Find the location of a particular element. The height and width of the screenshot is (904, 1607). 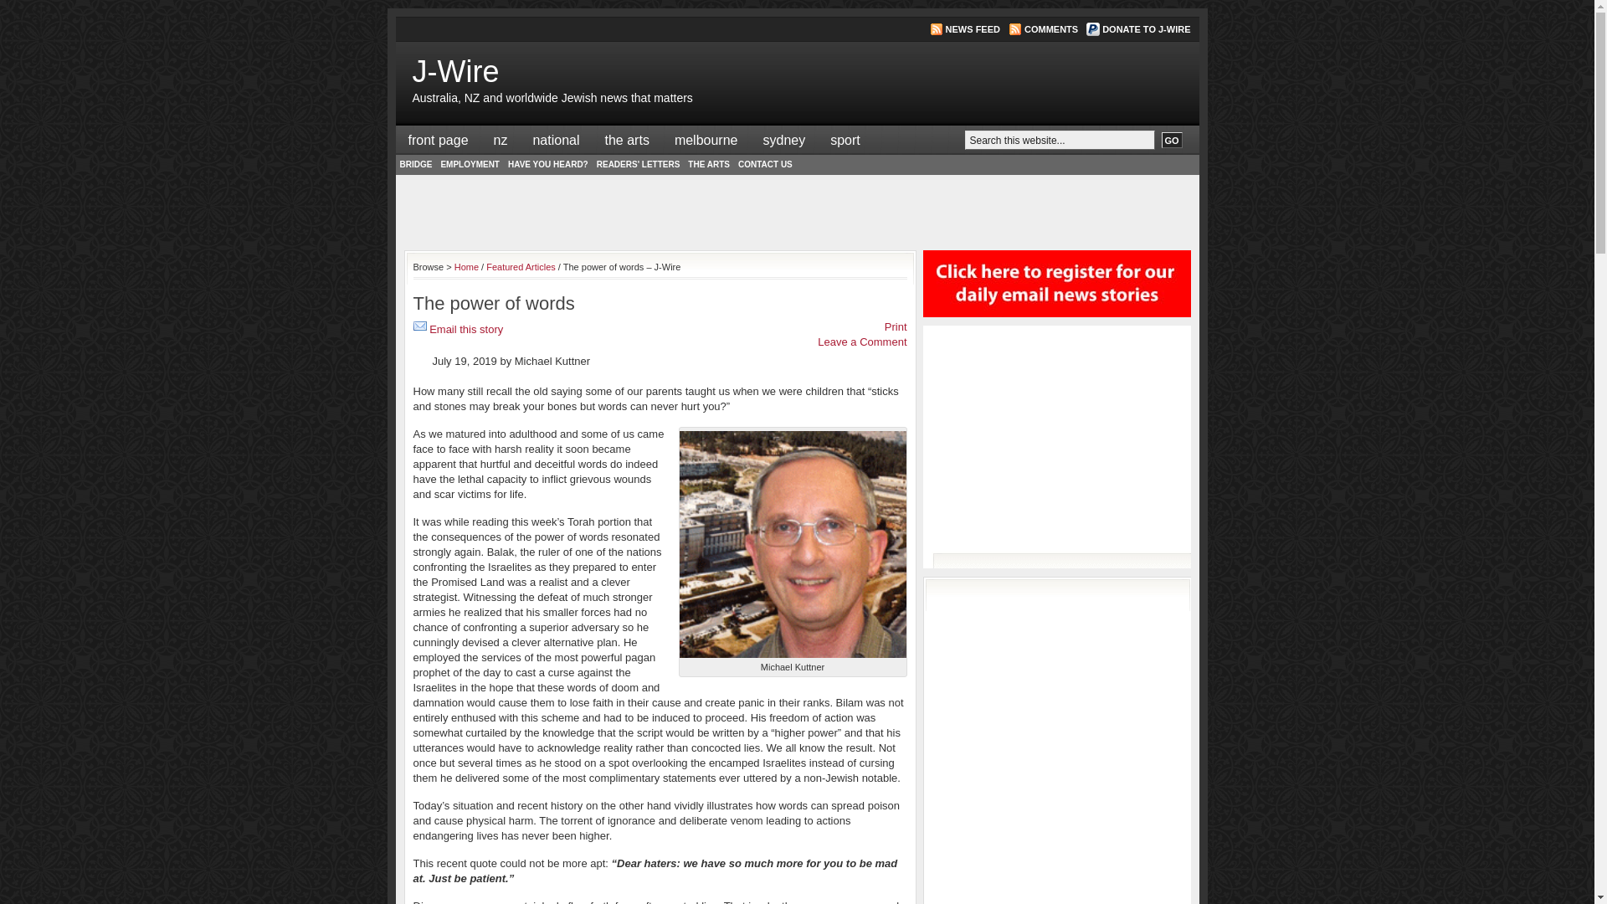

'GO' is located at coordinates (1171, 139).